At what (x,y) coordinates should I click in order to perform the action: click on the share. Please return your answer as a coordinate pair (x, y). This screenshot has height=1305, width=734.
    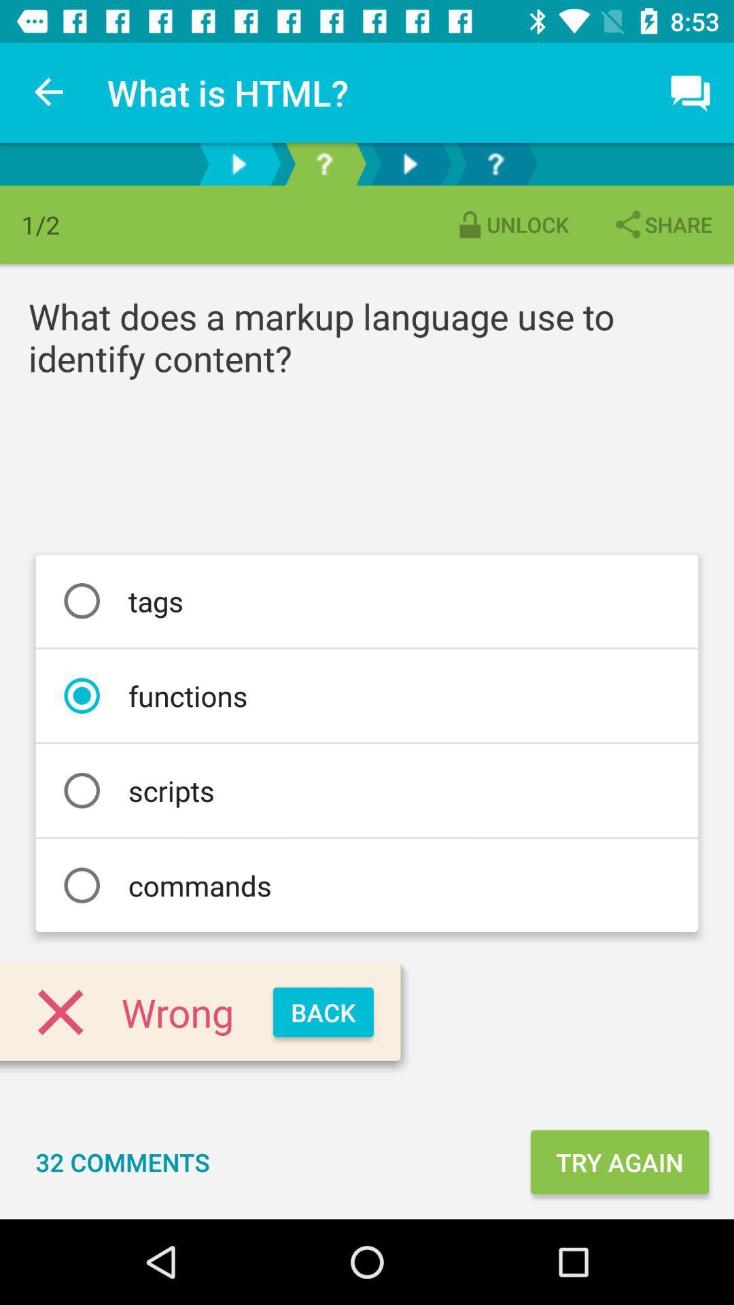
    Looking at the image, I should click on (661, 224).